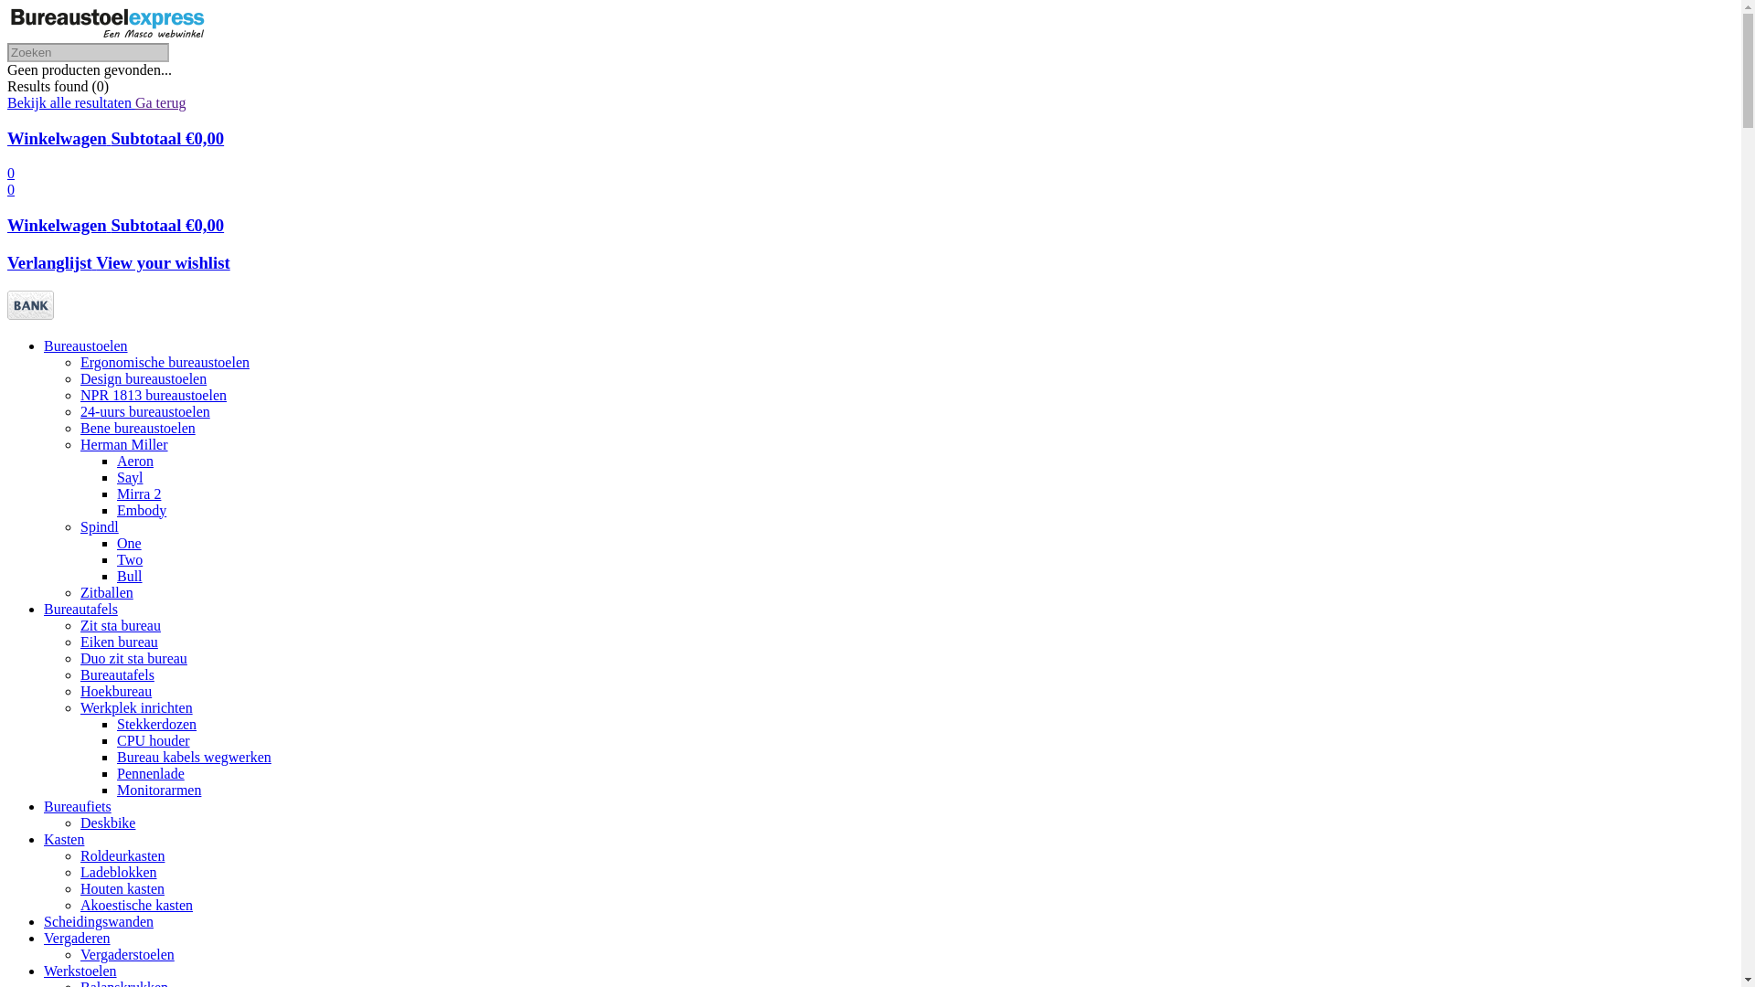 The width and height of the screenshot is (1755, 987). What do you see at coordinates (105, 592) in the screenshot?
I see `'Zitballen'` at bounding box center [105, 592].